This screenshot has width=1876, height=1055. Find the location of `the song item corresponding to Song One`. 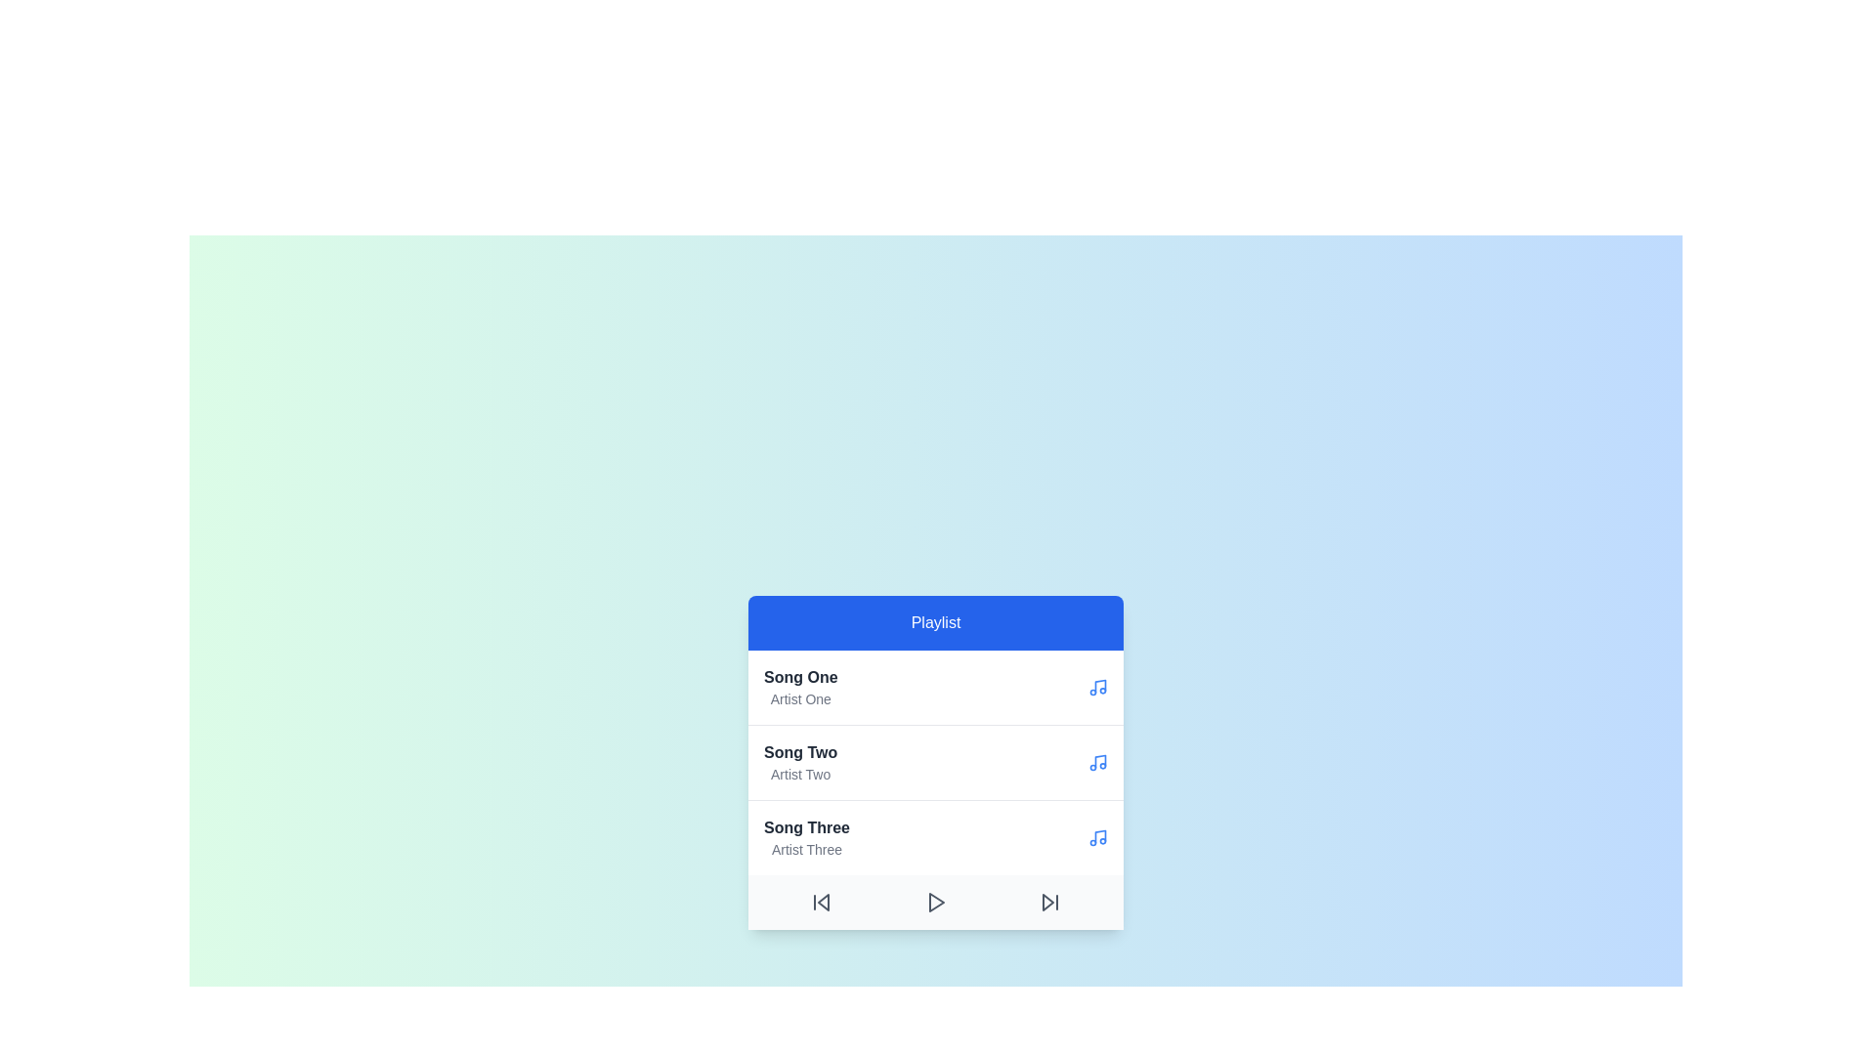

the song item corresponding to Song One is located at coordinates (800, 687).